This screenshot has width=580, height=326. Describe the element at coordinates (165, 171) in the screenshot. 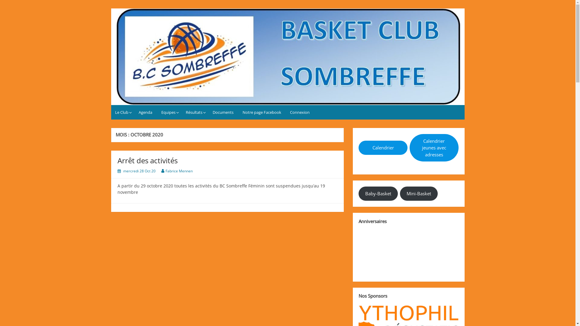

I see `'Fabrice Mennen'` at that location.